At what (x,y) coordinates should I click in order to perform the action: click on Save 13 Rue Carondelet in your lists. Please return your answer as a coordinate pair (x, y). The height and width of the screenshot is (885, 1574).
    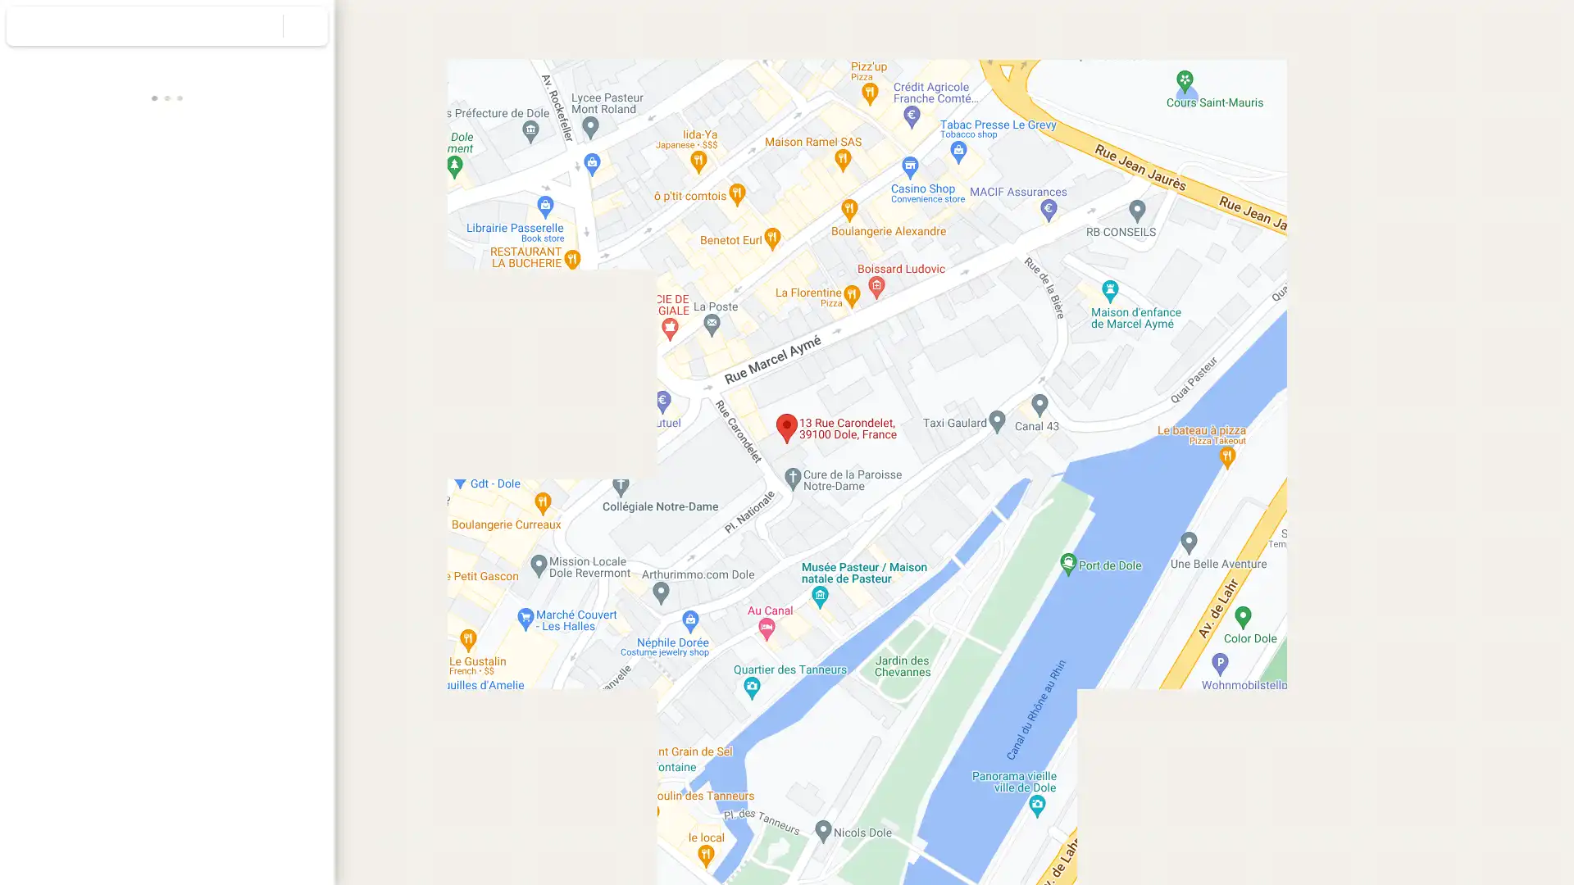
    Looking at the image, I should click on (106, 297).